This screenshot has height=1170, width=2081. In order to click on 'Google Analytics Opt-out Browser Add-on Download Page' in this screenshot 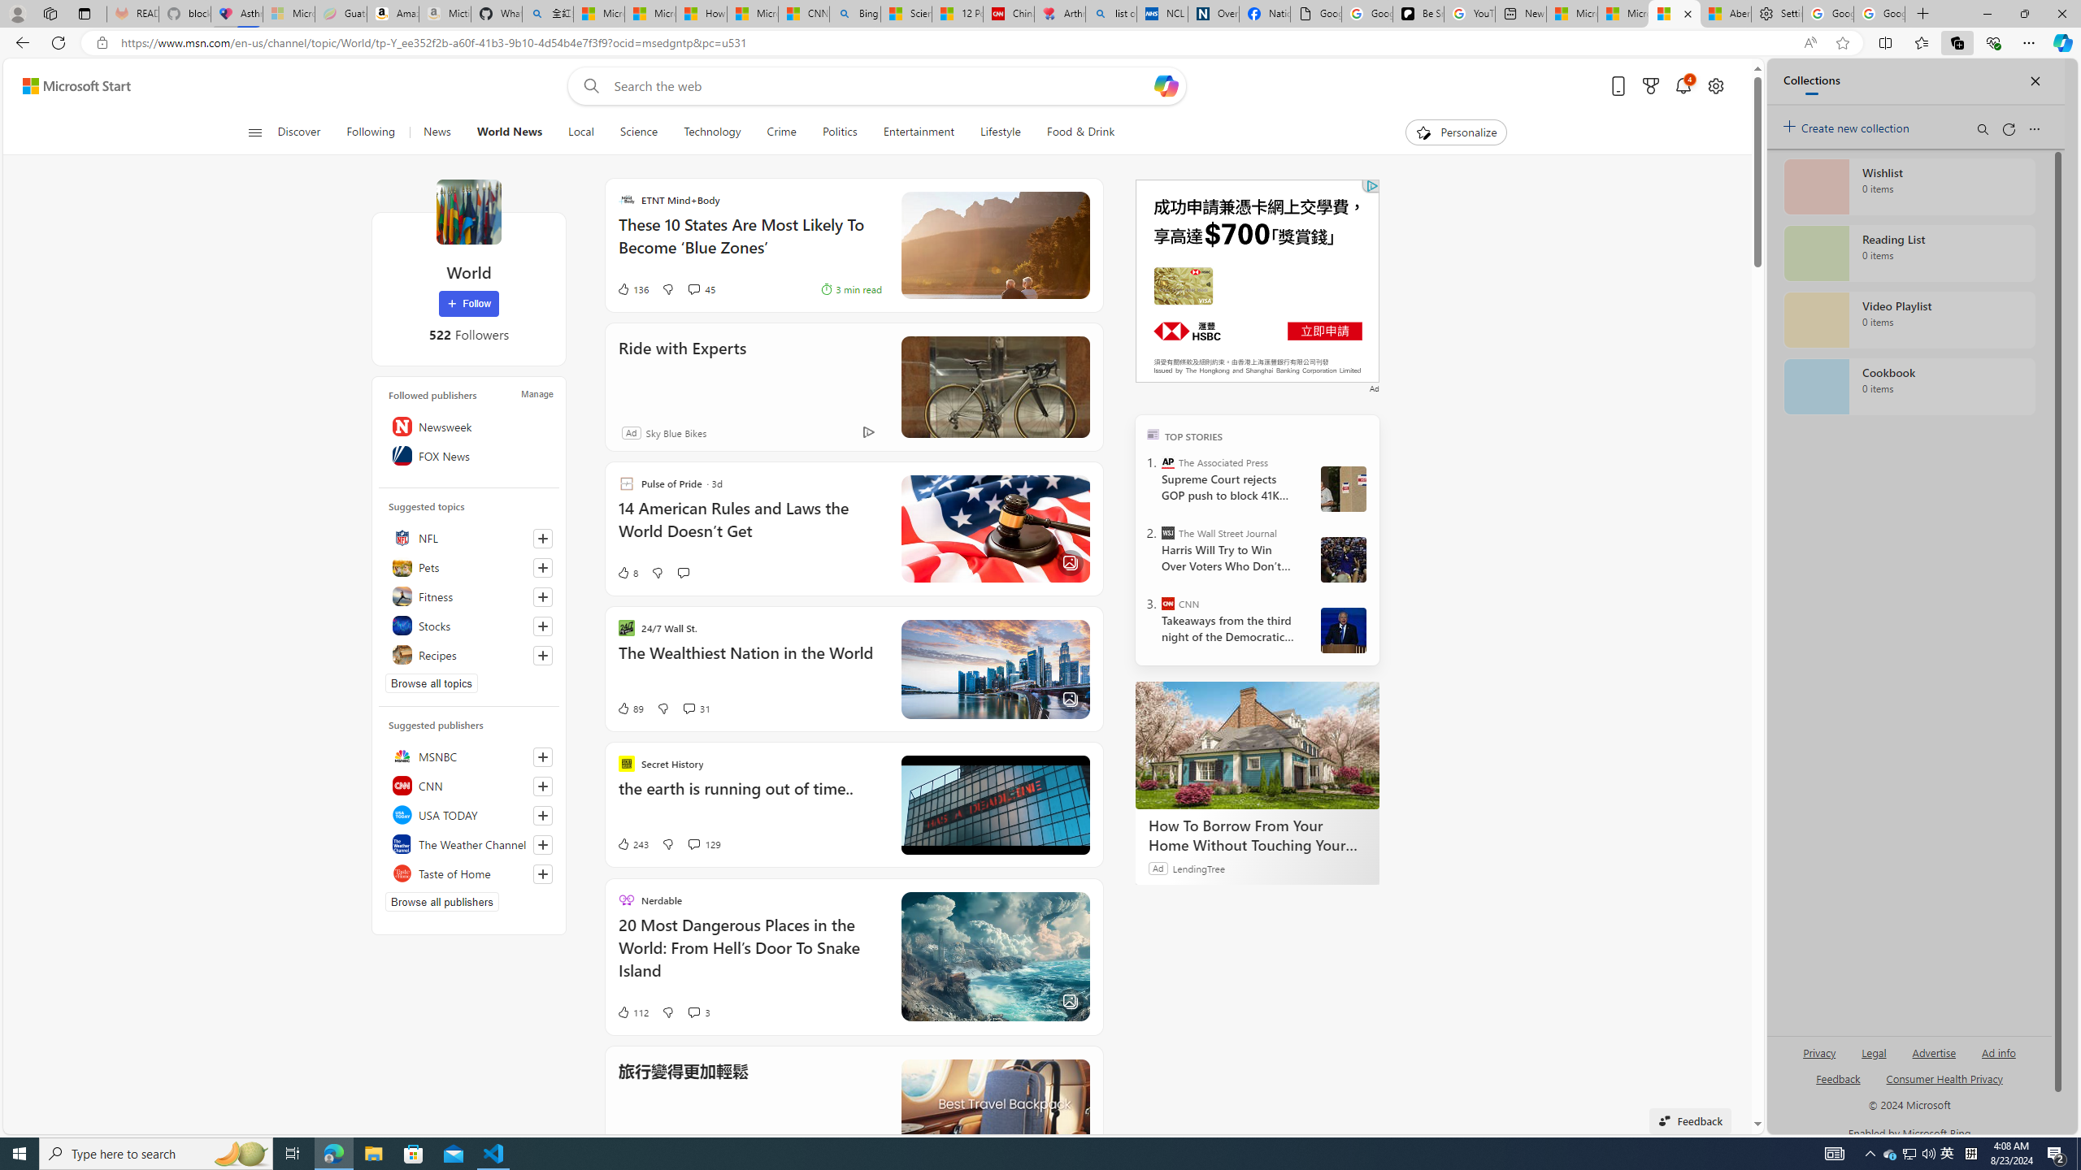, I will do `click(1315, 13)`.